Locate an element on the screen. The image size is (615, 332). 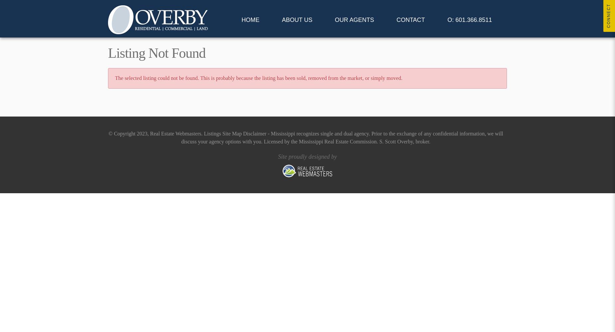
'© Copyright 2023,' is located at coordinates (129, 133).